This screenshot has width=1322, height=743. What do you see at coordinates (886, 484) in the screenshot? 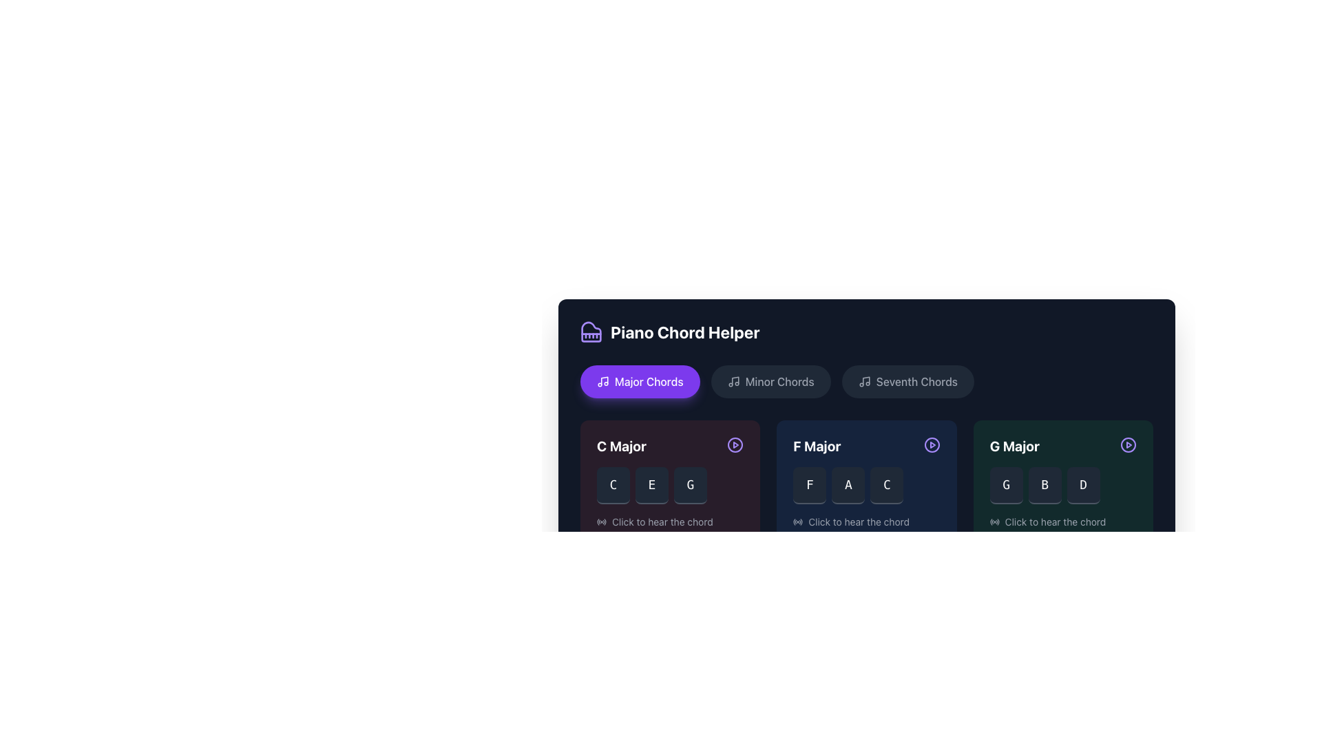
I see `the dark gray button labeled 'C' with a white letter 'C' centered within it, located in the 'F Major' chord card` at bounding box center [886, 484].